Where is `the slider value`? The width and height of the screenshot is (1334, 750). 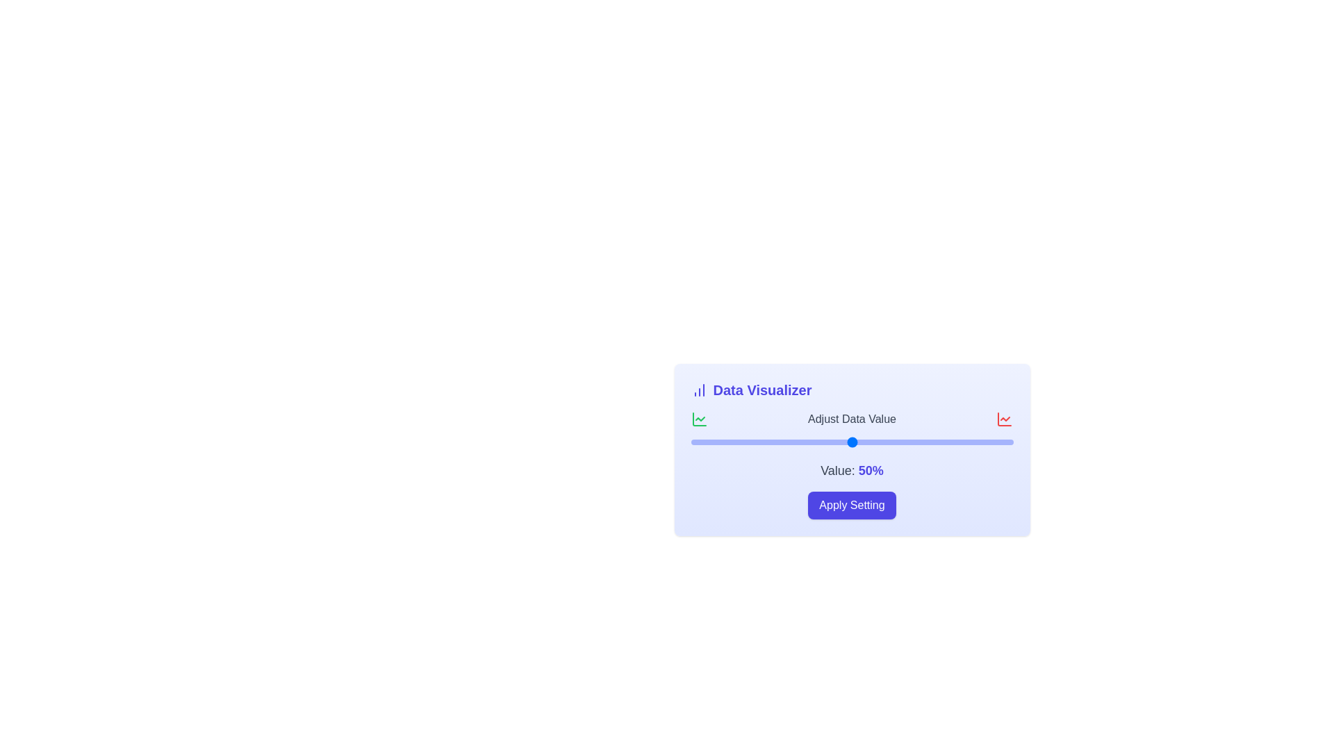 the slider value is located at coordinates (845, 442).